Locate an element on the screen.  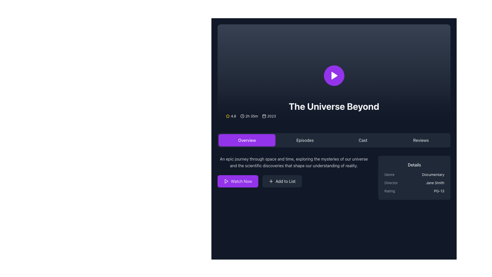
the textual description in light gray font that provides information about a cinematic or documentary feature, which is positioned above the 'Watch Now' and 'Add to List' buttons is located at coordinates (294, 162).